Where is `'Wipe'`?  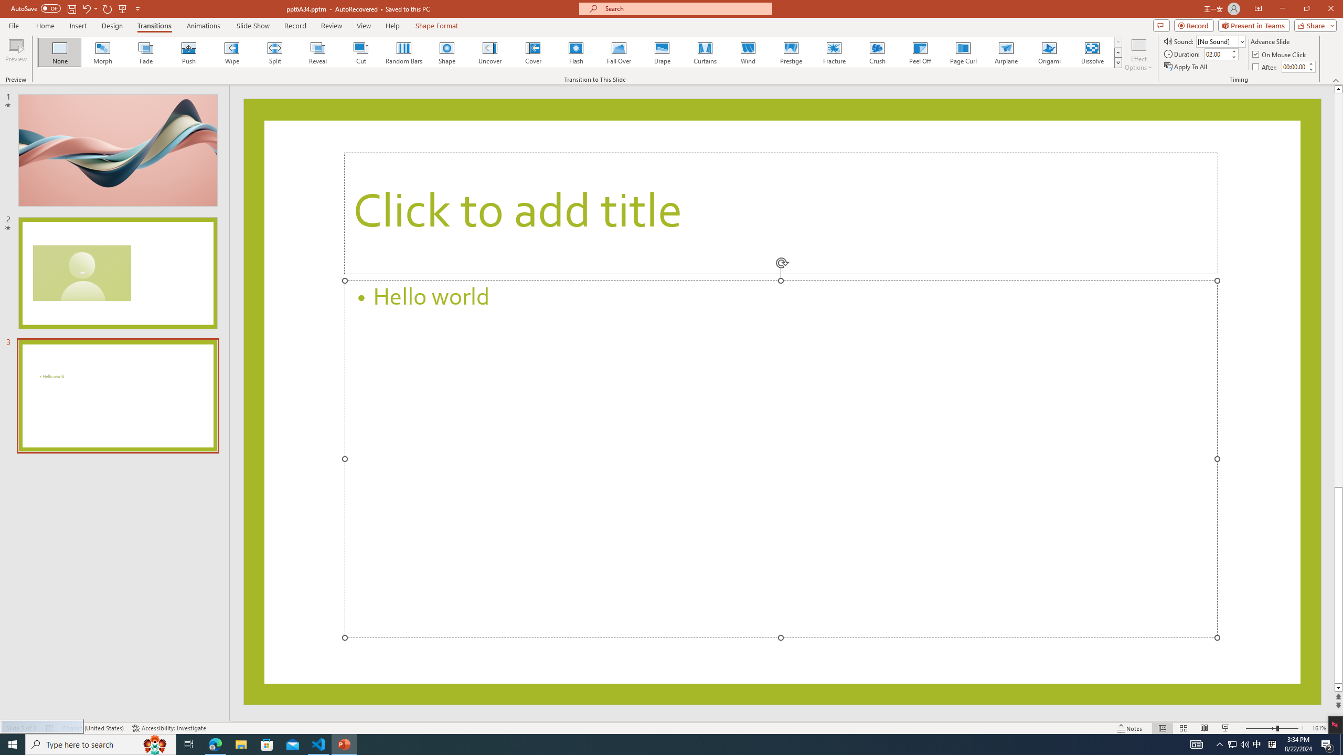
'Wipe' is located at coordinates (231, 52).